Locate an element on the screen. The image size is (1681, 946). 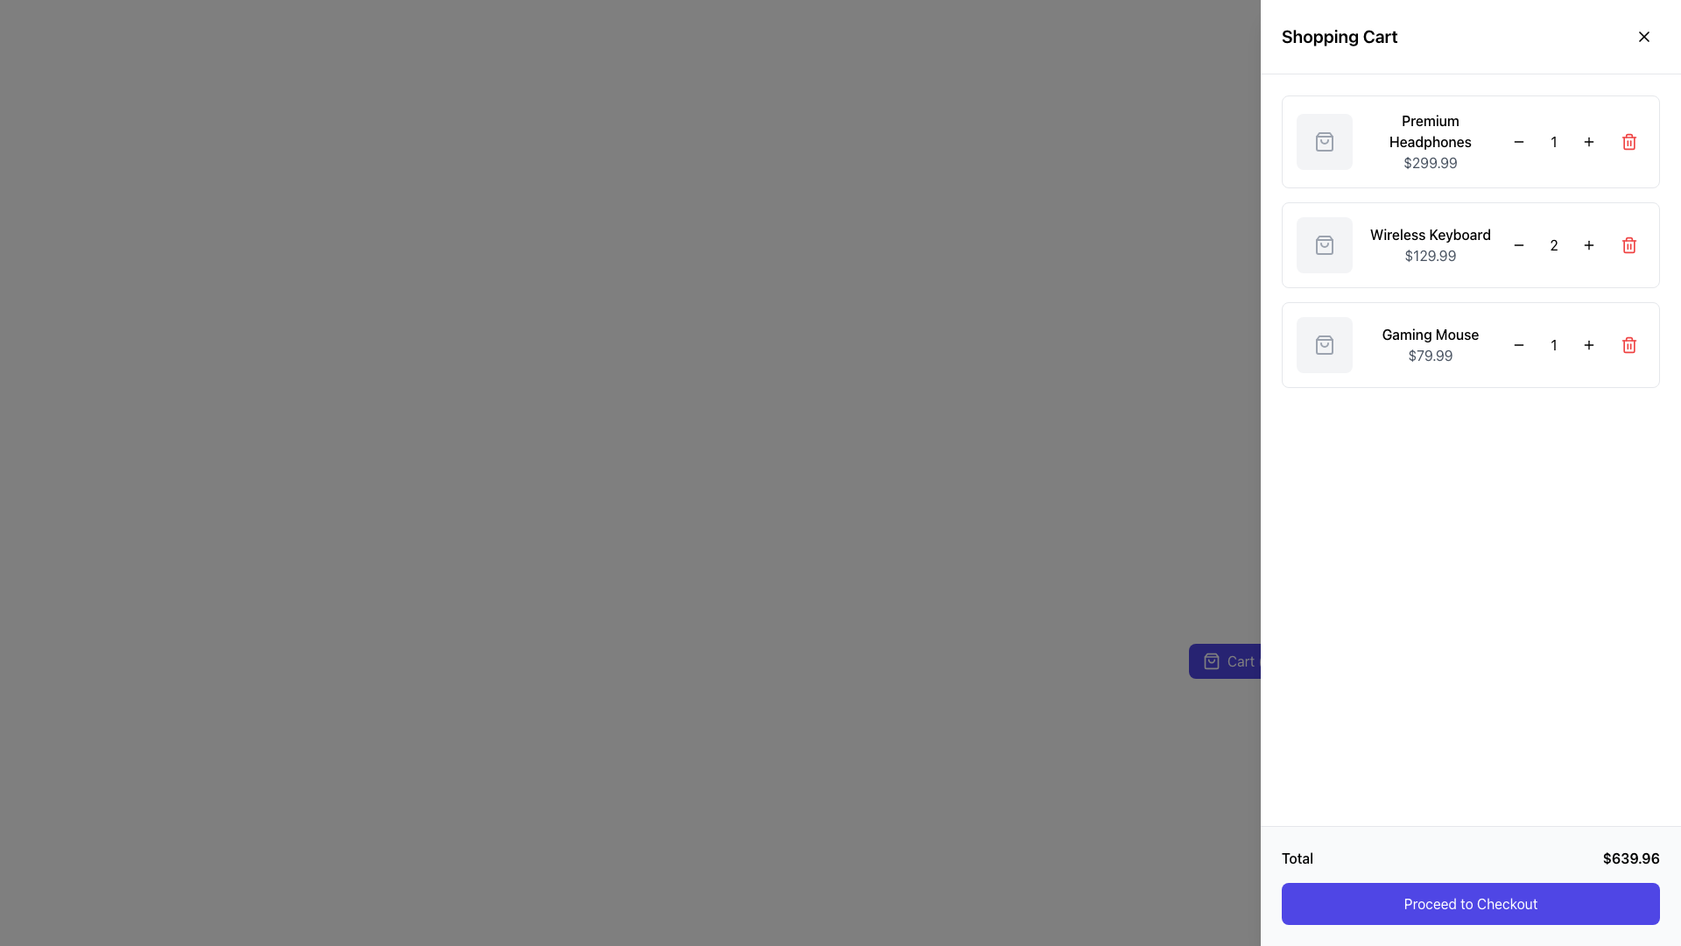
the Close button icon located in the top right corner of the shopping cart panel, beside the 'Shopping Cart' title is located at coordinates (1642, 37).